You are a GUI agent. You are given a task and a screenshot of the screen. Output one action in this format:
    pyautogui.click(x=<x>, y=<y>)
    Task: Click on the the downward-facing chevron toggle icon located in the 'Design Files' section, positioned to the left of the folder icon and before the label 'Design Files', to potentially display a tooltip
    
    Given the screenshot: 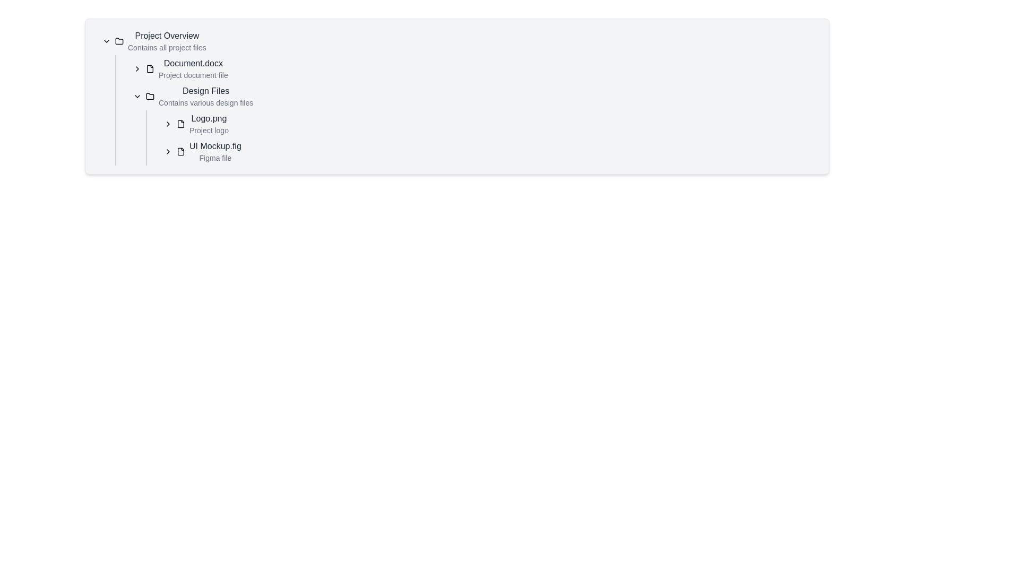 What is the action you would take?
    pyautogui.click(x=137, y=96)
    